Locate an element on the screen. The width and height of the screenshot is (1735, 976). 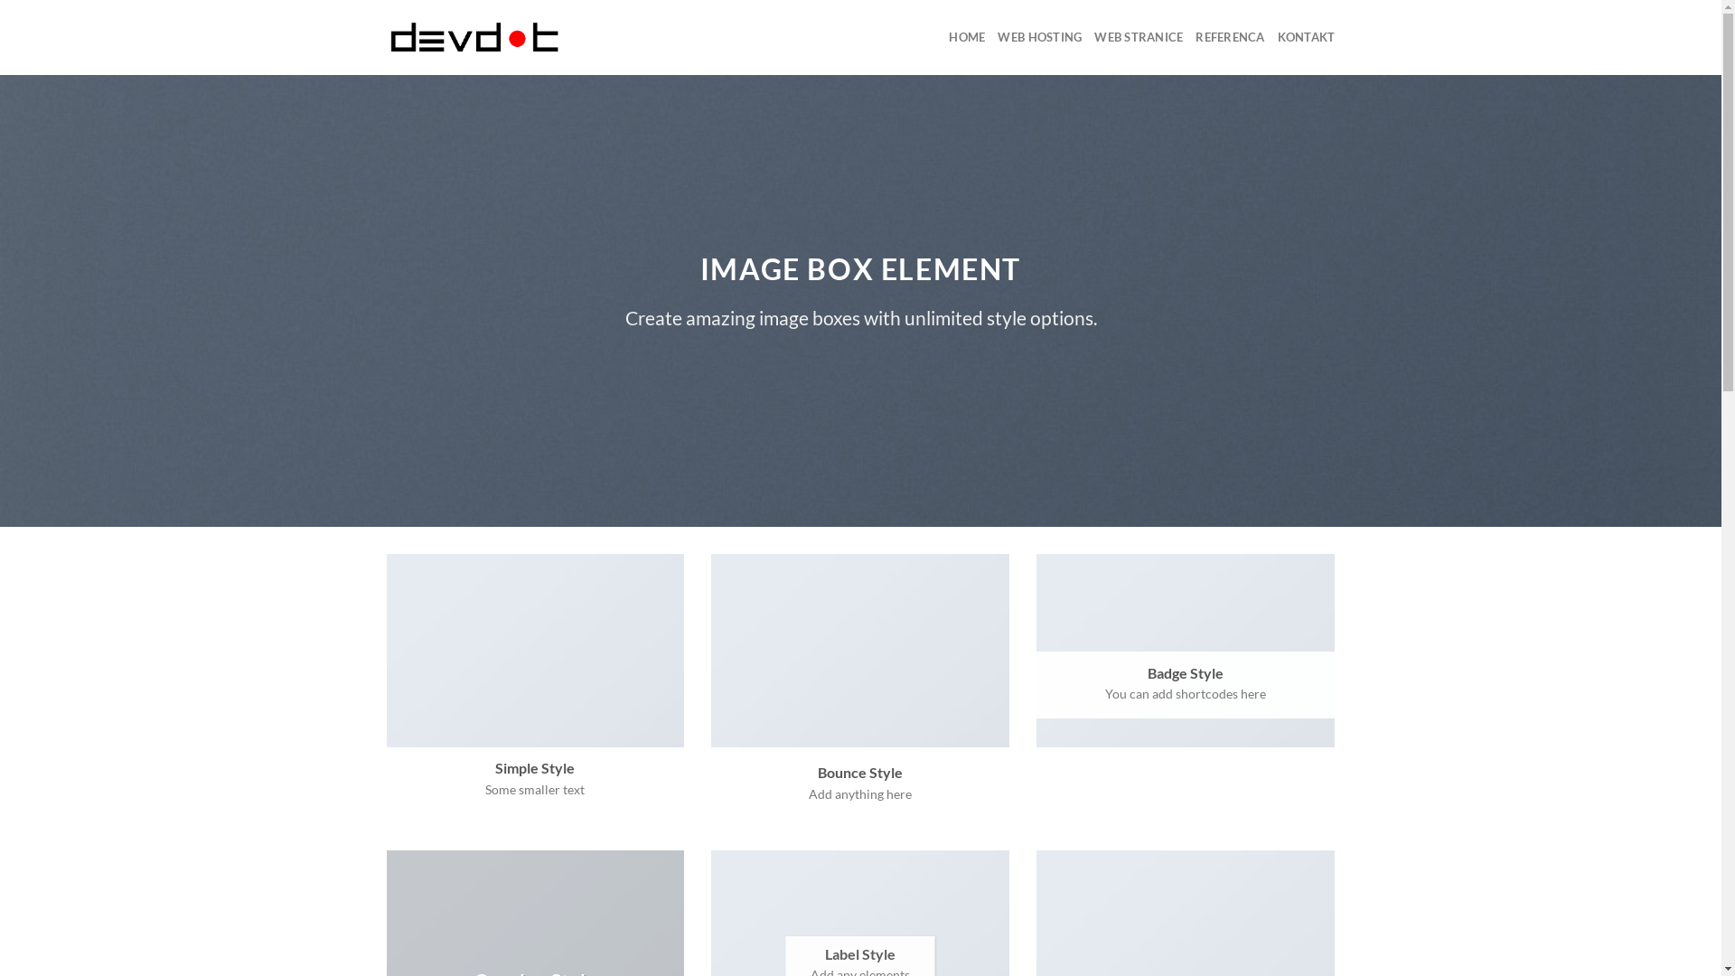
'WEB HOSTING' is located at coordinates (1039, 37).